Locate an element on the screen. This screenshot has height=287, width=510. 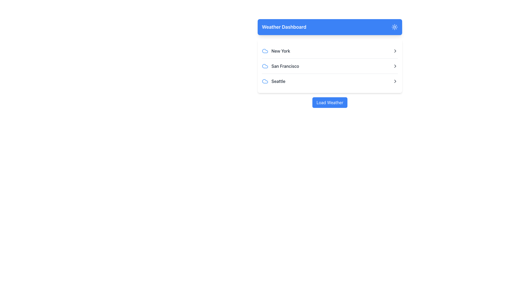
the Chevron icon located at the right edge of the list item labeled 'Seattle' is located at coordinates (395, 81).